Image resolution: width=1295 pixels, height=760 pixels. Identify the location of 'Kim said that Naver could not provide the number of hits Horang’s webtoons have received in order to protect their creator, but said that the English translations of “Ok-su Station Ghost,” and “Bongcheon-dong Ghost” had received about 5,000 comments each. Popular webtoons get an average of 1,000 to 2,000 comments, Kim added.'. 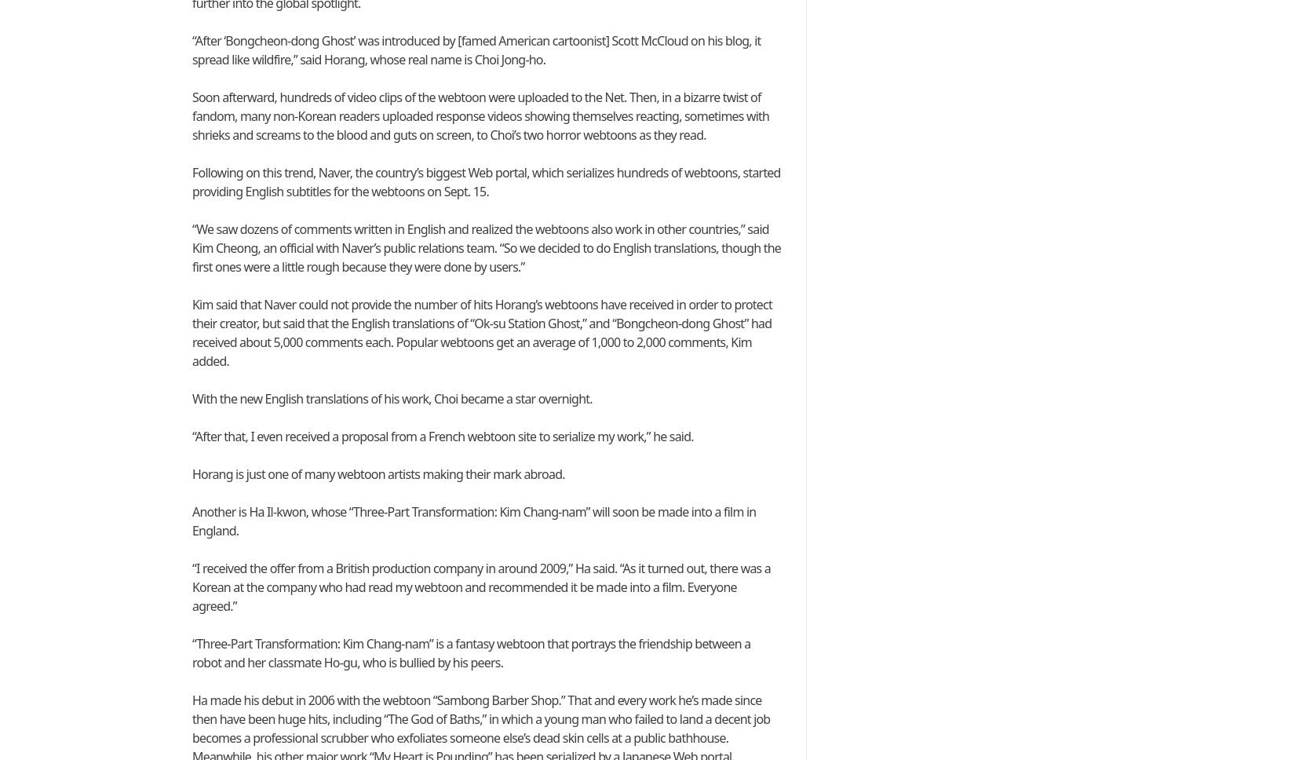
(480, 332).